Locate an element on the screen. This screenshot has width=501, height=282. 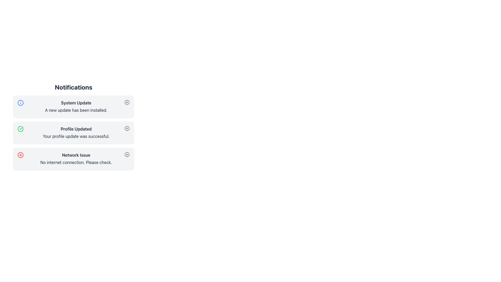
title 'Profile Updated' and subtitle 'Your profile update was successful.' from the notification card with a light gray background, green checkmark icon, and close button on the right side, located in the second position of the notifications list is located at coordinates (73, 132).